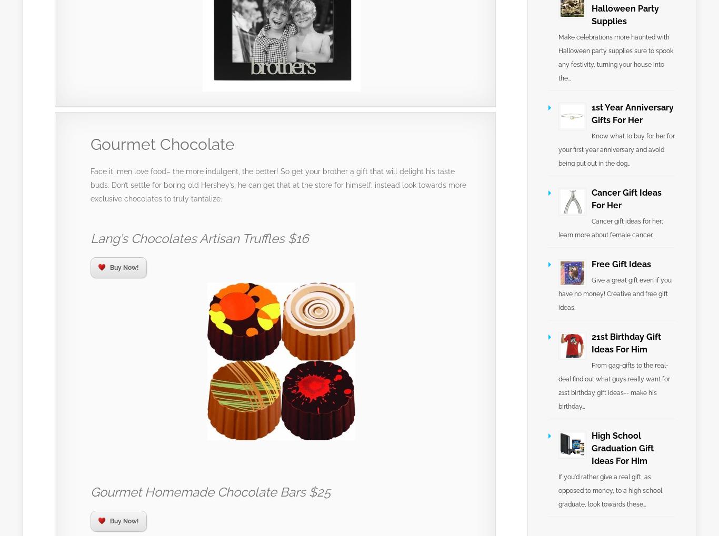 This screenshot has height=536, width=719. What do you see at coordinates (209, 491) in the screenshot?
I see `'Gourmet Homemade Chocolate Bars $25'` at bounding box center [209, 491].